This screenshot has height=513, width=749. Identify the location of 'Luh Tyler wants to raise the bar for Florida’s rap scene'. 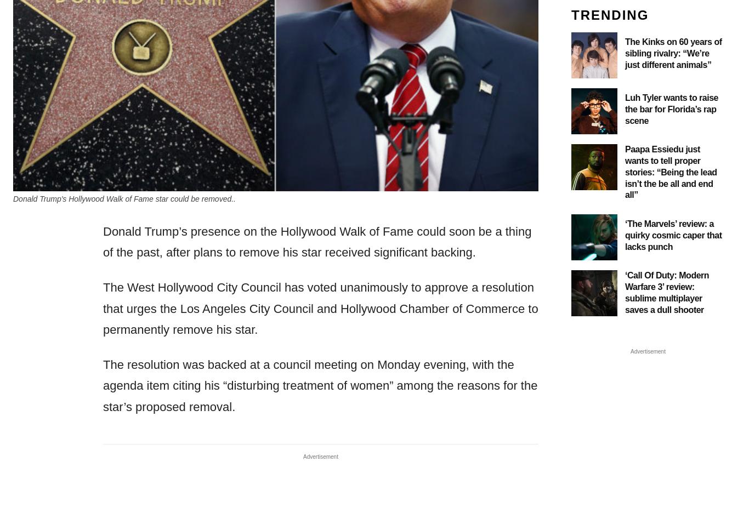
(671, 109).